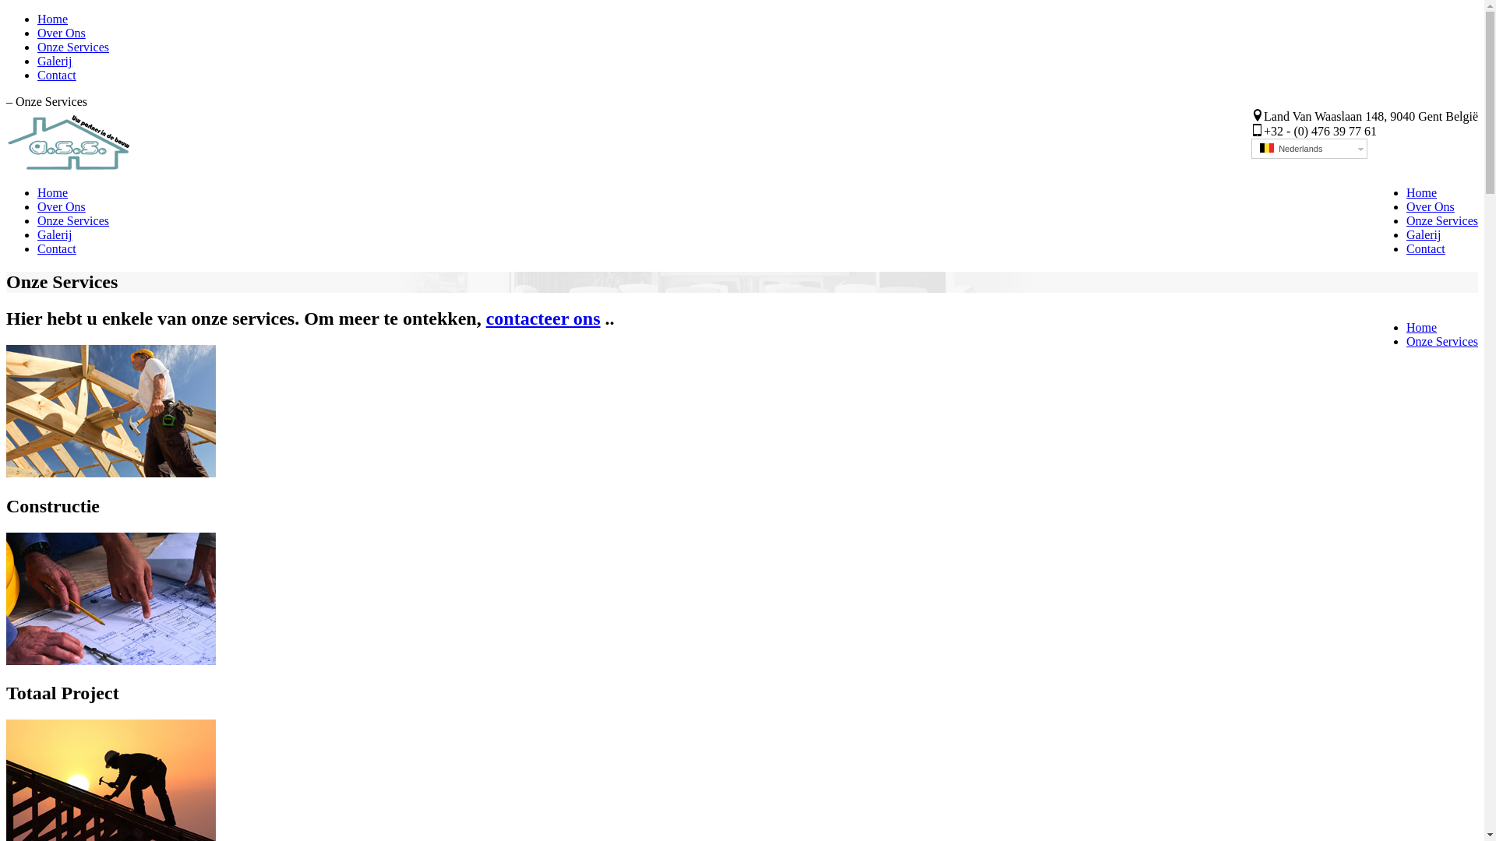 The image size is (1496, 841). Describe the element at coordinates (1425, 248) in the screenshot. I see `'Contact'` at that location.